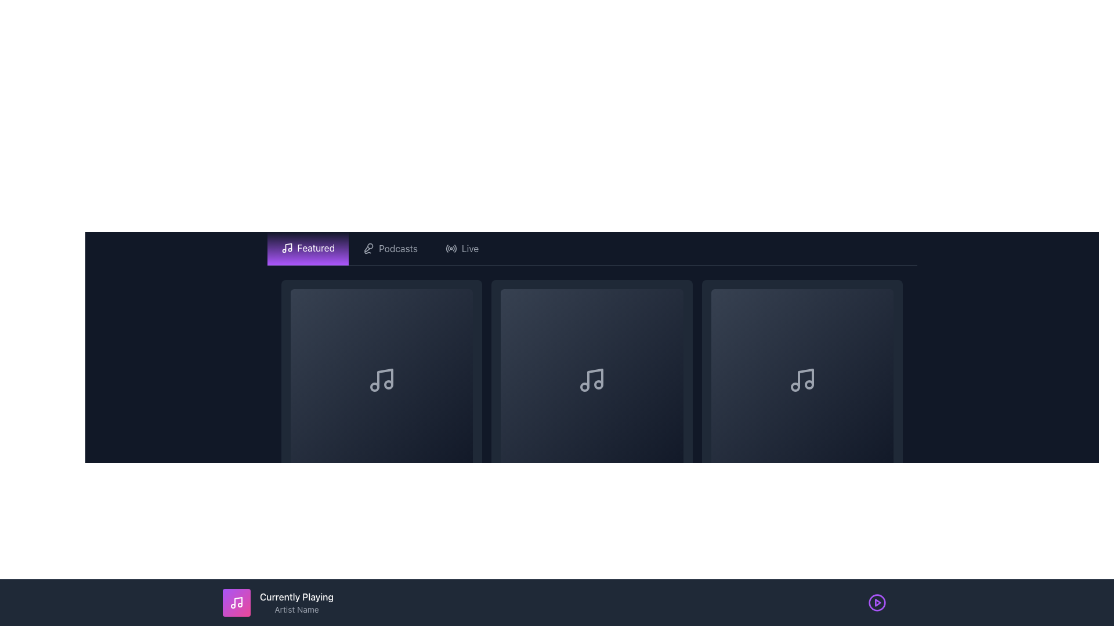  Describe the element at coordinates (877, 602) in the screenshot. I see `the play button located at the bottom-right corner of the interface` at that location.